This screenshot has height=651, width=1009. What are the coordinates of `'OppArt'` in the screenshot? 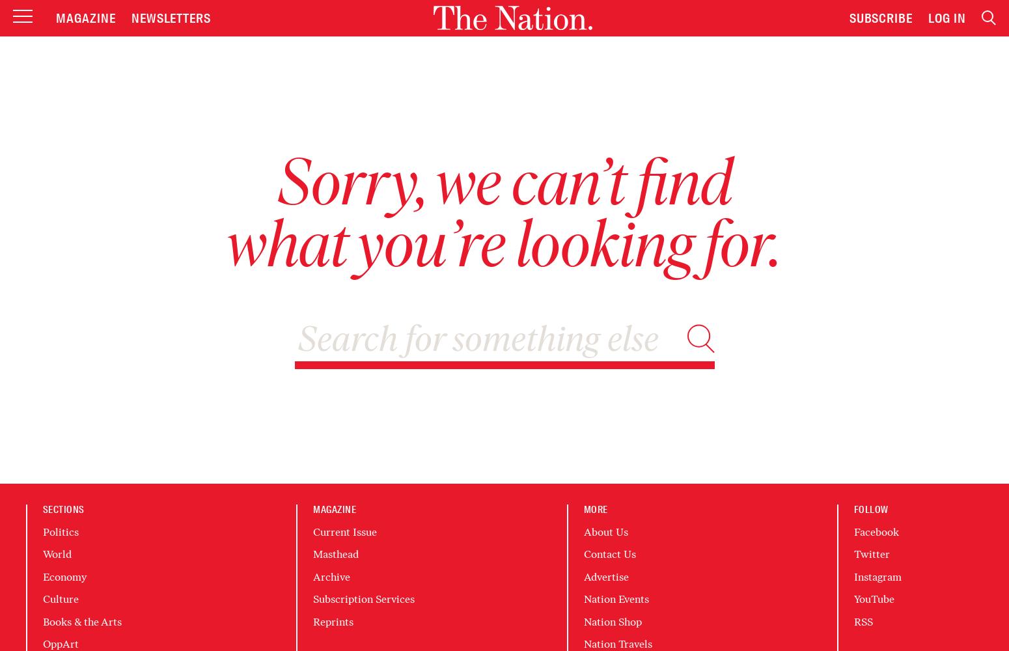 It's located at (61, 643).